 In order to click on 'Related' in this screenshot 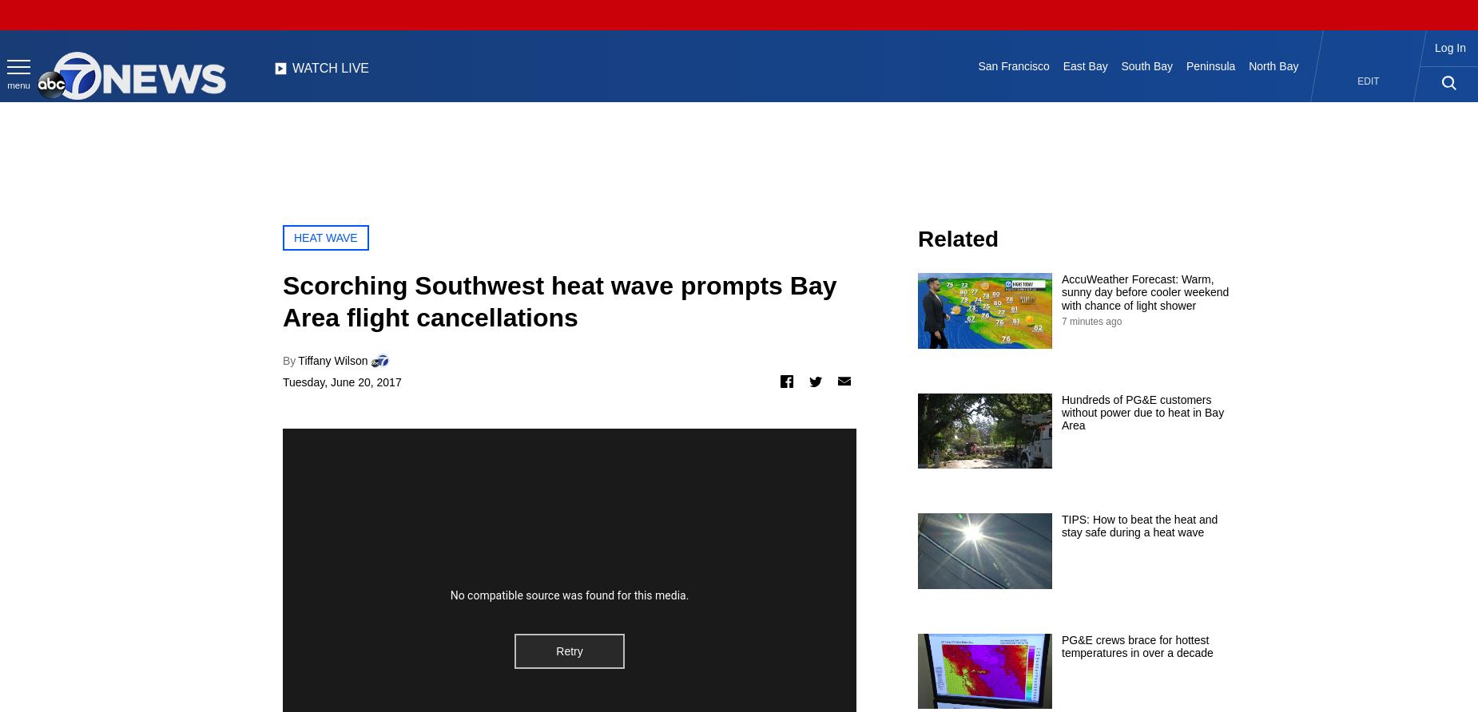, I will do `click(917, 239)`.